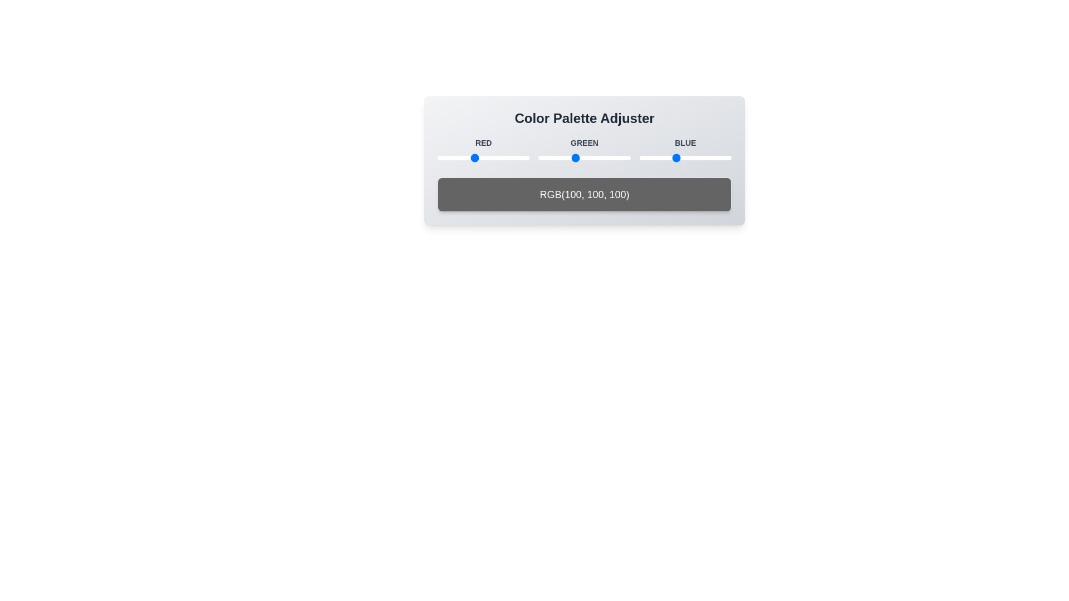  What do you see at coordinates (452, 158) in the screenshot?
I see `the red color slider to 40` at bounding box center [452, 158].